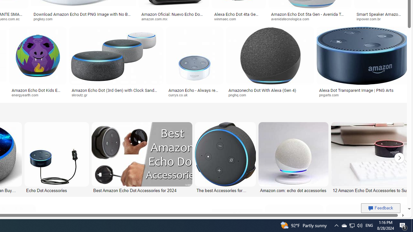  What do you see at coordinates (362, 55) in the screenshot?
I see `'Image result for Amazon Echo Dot PNG'` at bounding box center [362, 55].